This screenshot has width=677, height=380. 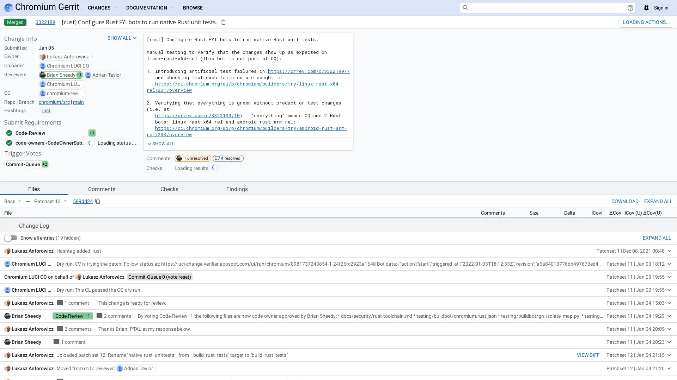 What do you see at coordinates (50, 201) in the screenshot?
I see `Patchset 13` at bounding box center [50, 201].